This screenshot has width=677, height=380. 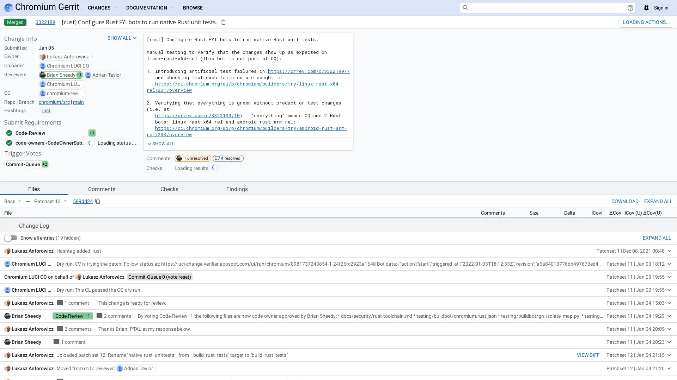 What do you see at coordinates (50, 201) in the screenshot?
I see `Patchset 13` at bounding box center [50, 201].